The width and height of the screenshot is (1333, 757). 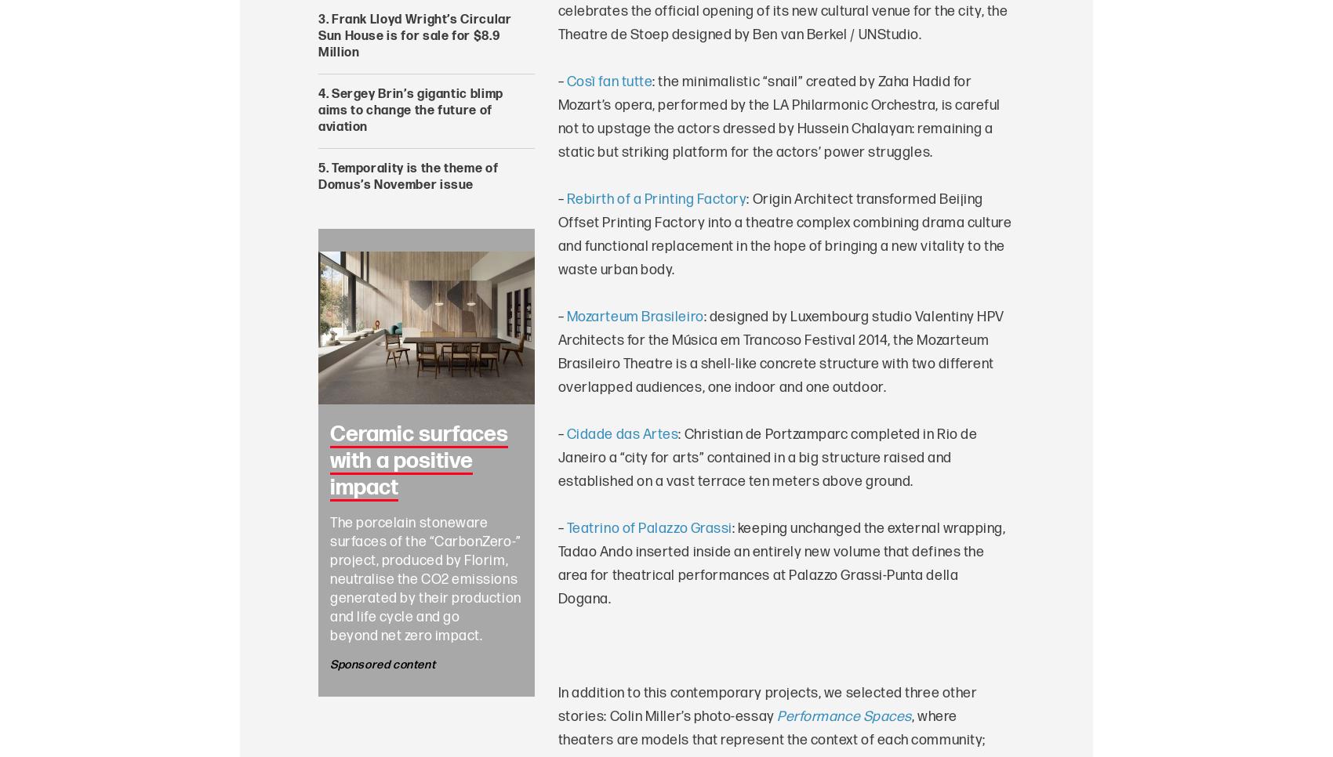 I want to click on 'In addition to this contemporary projects, we selected three other stories: Colin Miller’s photo-essay', so click(x=766, y=704).